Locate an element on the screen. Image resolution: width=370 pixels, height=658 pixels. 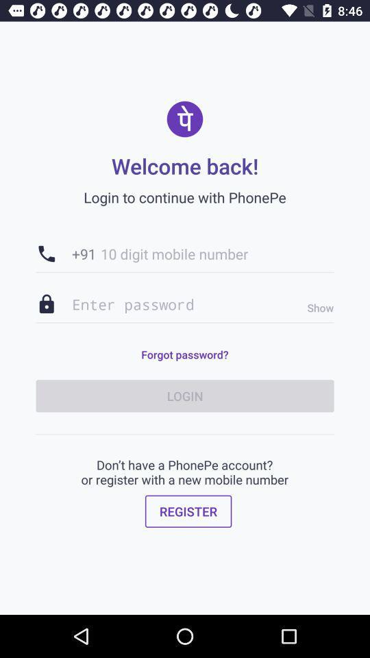
show item is located at coordinates (317, 308).